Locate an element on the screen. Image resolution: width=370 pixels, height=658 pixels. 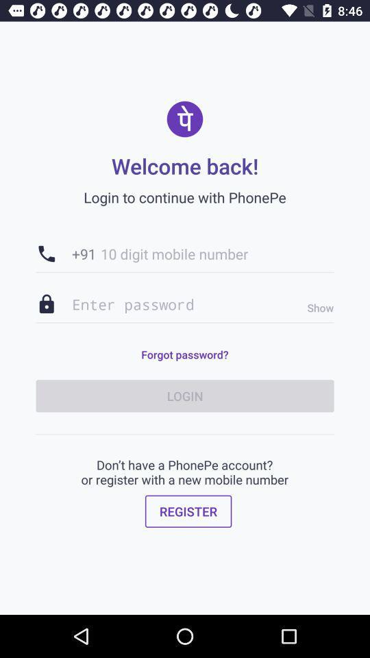
show item is located at coordinates (317, 308).